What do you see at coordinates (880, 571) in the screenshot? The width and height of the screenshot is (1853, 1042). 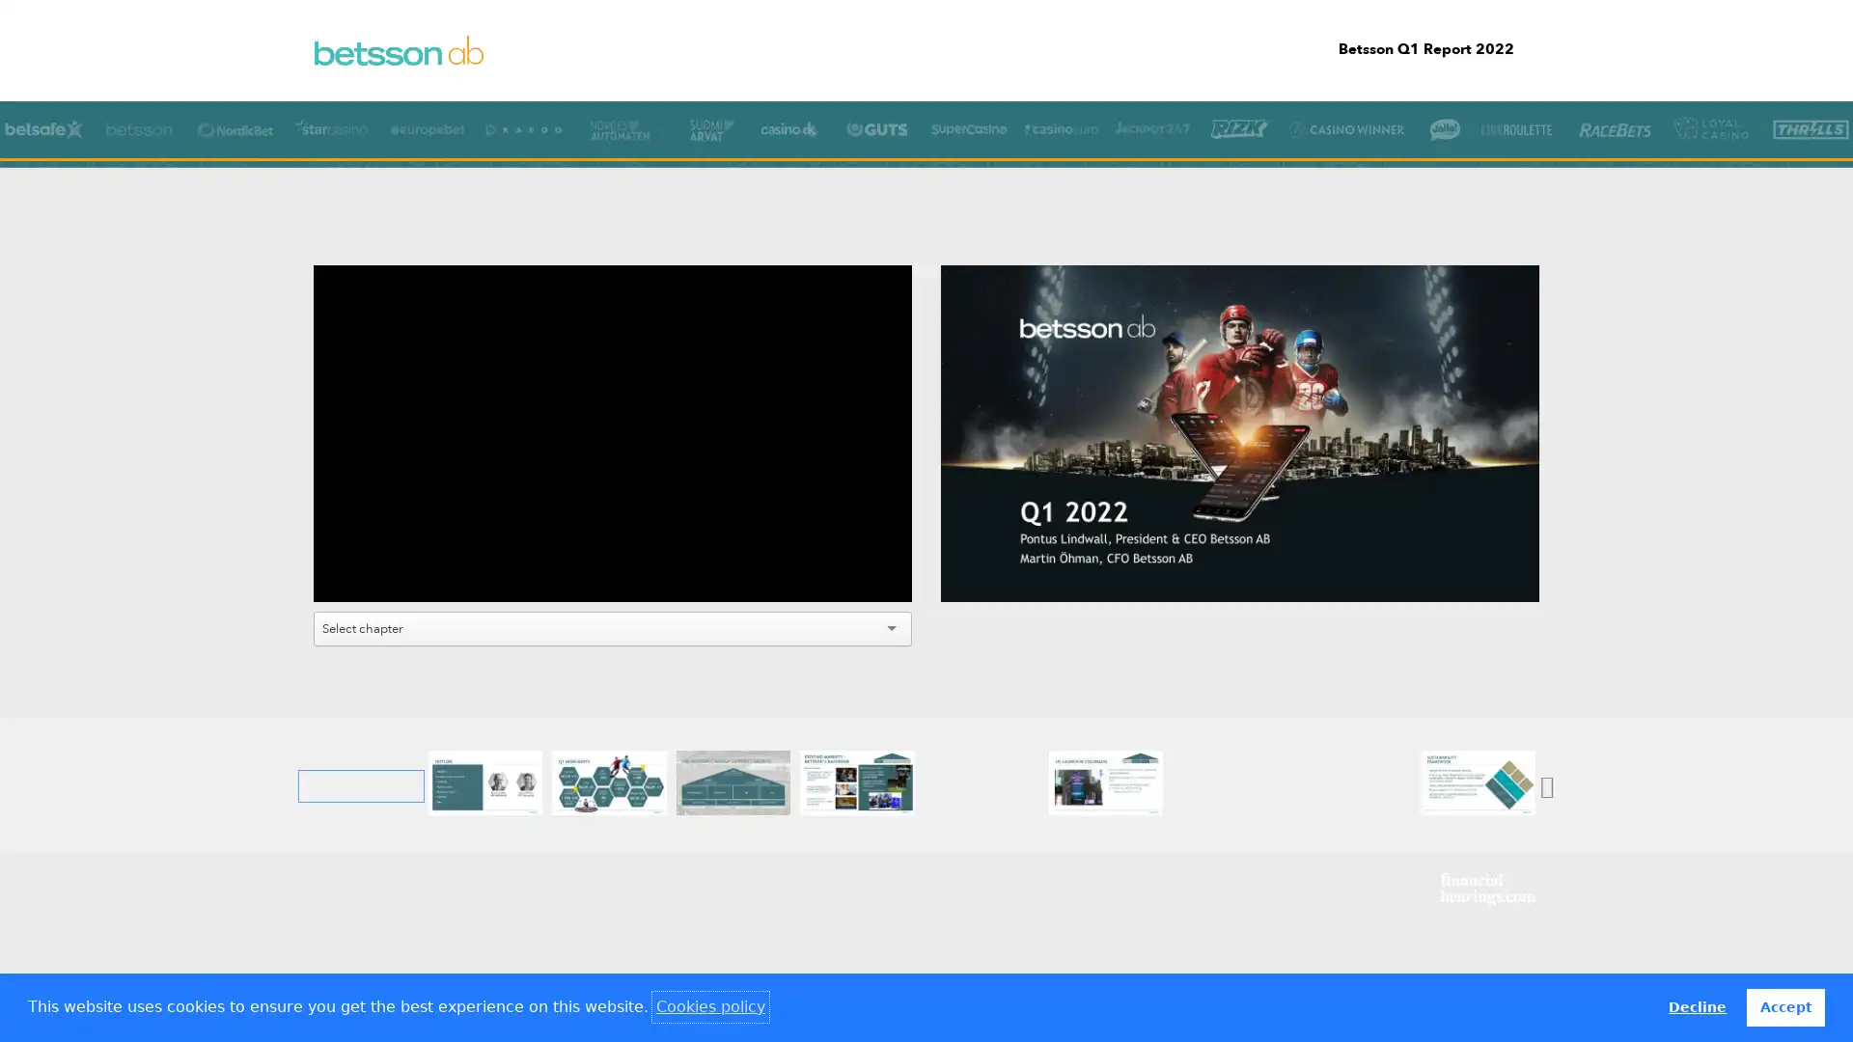 I see `Fullscreen` at bounding box center [880, 571].